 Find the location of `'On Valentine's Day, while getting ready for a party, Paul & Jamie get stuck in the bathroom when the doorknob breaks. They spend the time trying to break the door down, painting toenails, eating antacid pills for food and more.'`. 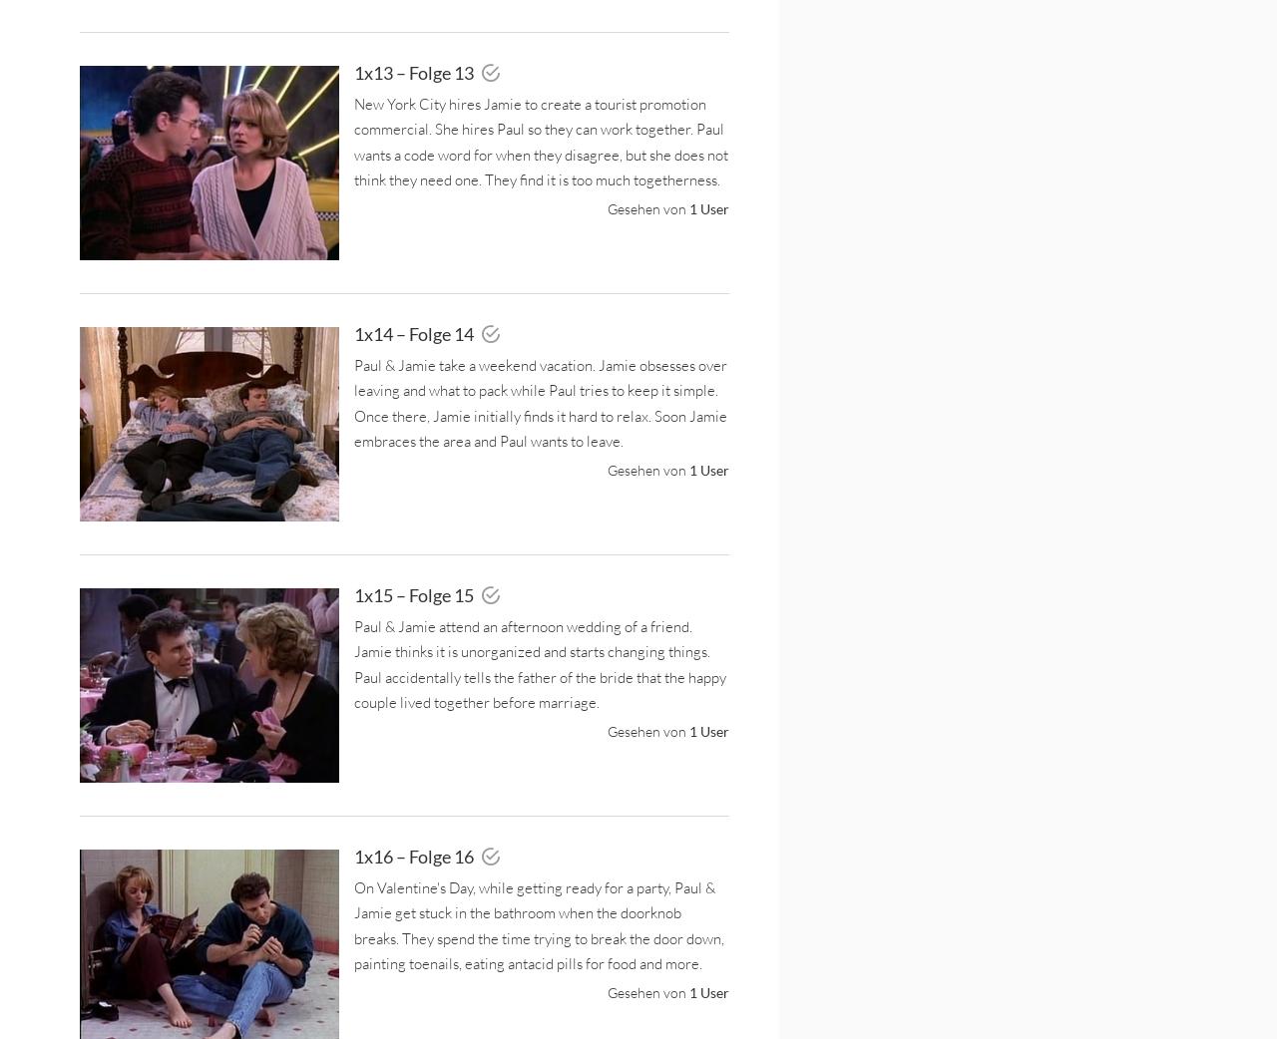

'On Valentine's Day, while getting ready for a party, Paul & Jamie get stuck in the bathroom when the doorknob breaks. They spend the time trying to break the door down, painting toenails, eating antacid pills for food and more.' is located at coordinates (539, 924).